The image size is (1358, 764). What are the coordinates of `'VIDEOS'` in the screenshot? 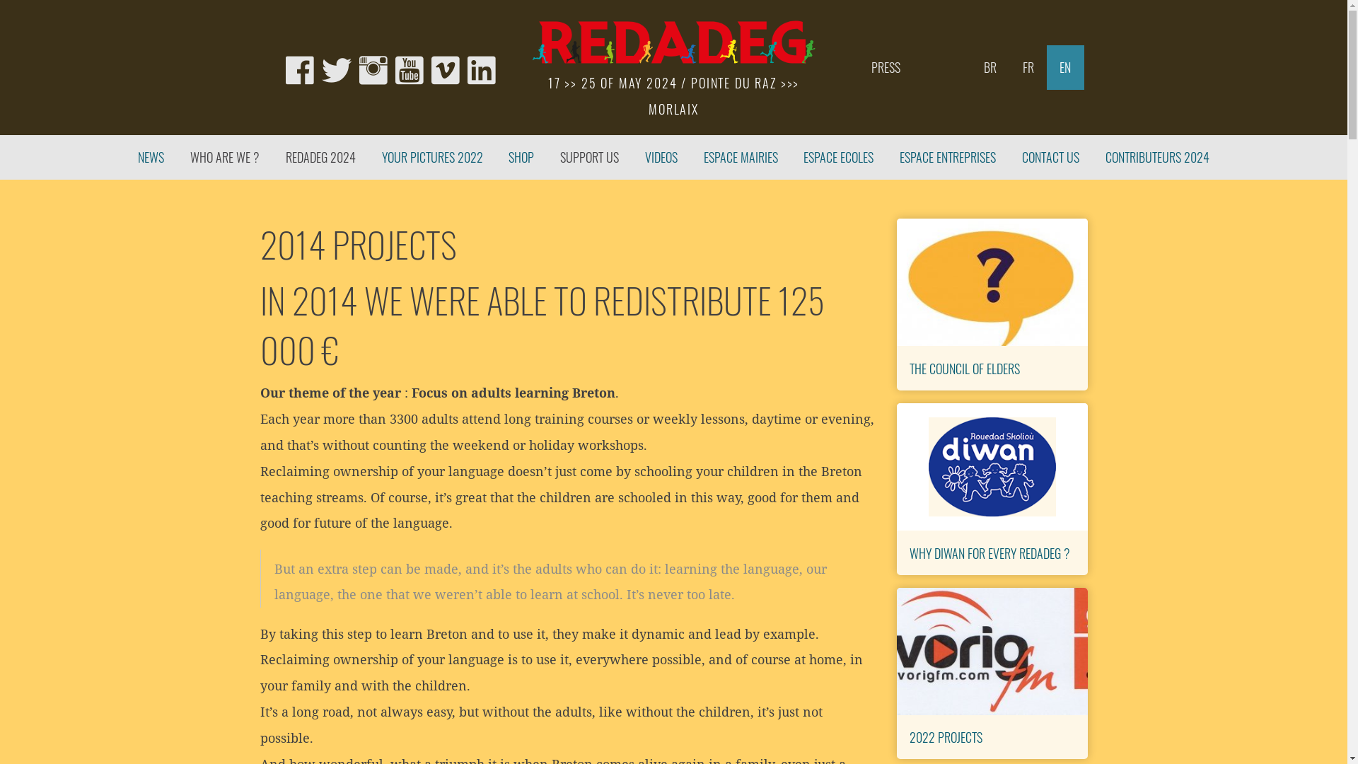 It's located at (631, 157).